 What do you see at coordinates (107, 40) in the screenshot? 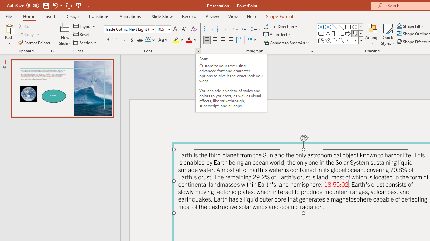
I see `'Bold'` at bounding box center [107, 40].